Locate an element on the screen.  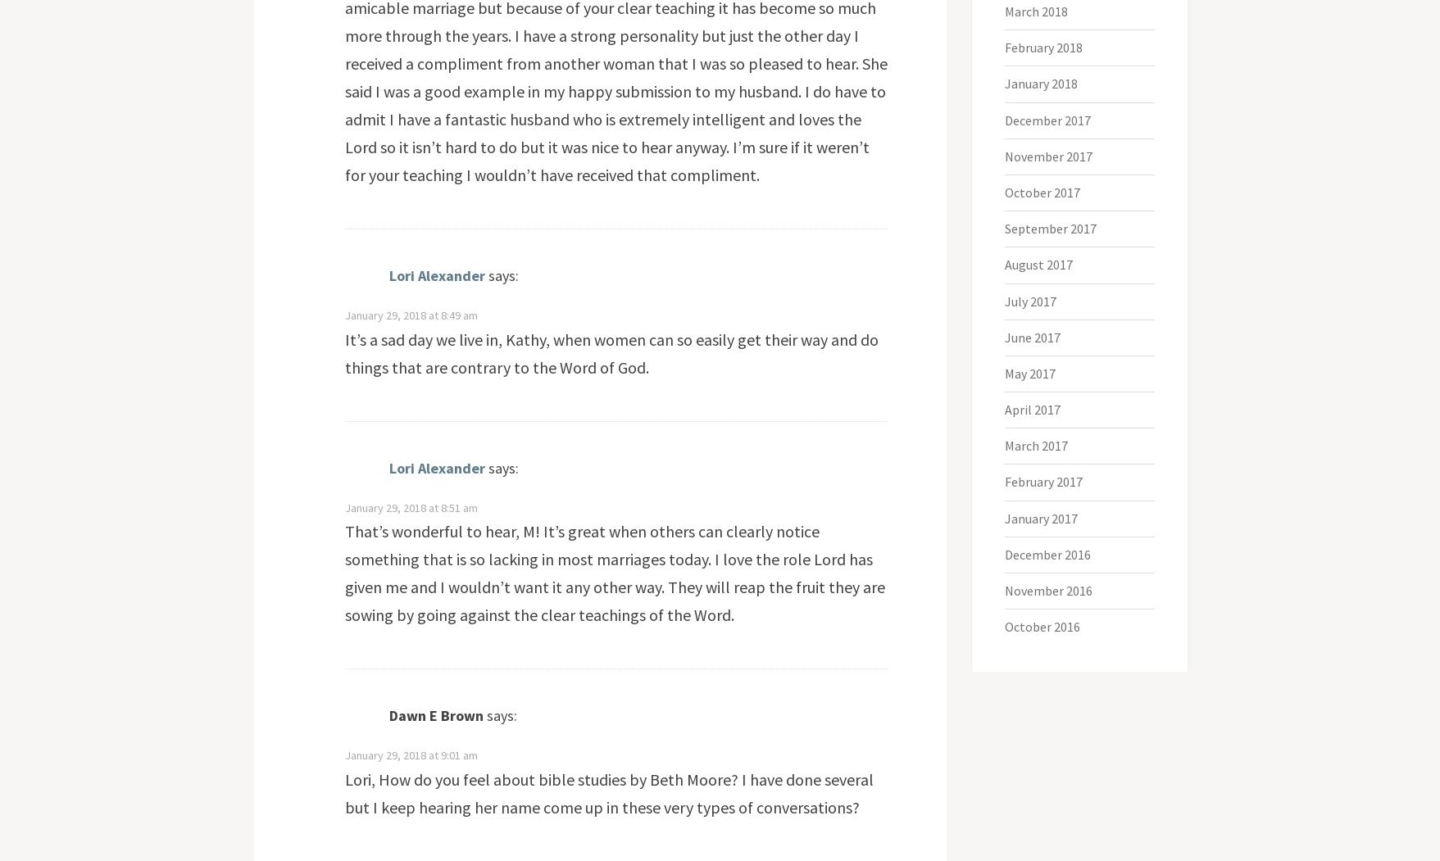
'November 2017' is located at coordinates (1004, 156).